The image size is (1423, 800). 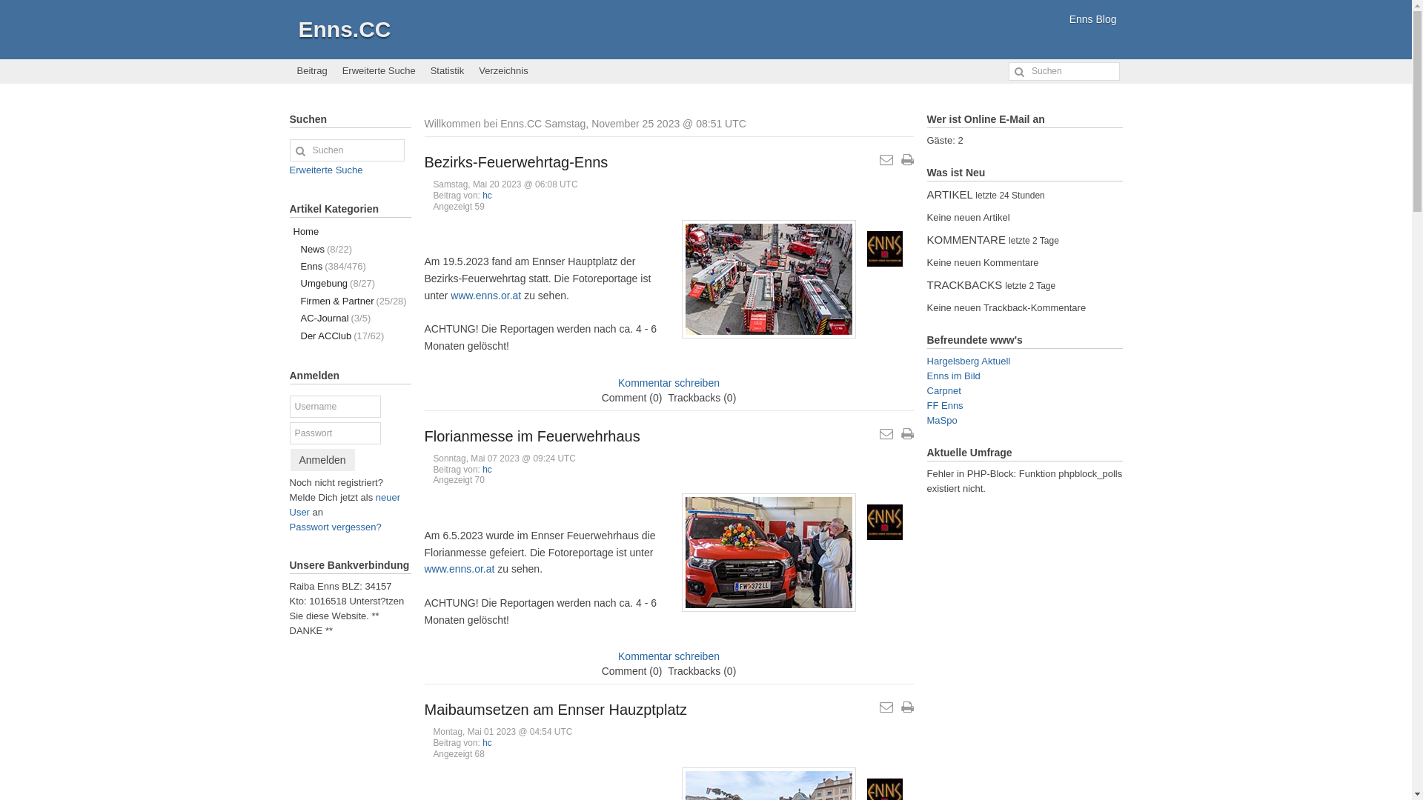 What do you see at coordinates (485, 295) in the screenshot?
I see `'www.enns.or.at'` at bounding box center [485, 295].